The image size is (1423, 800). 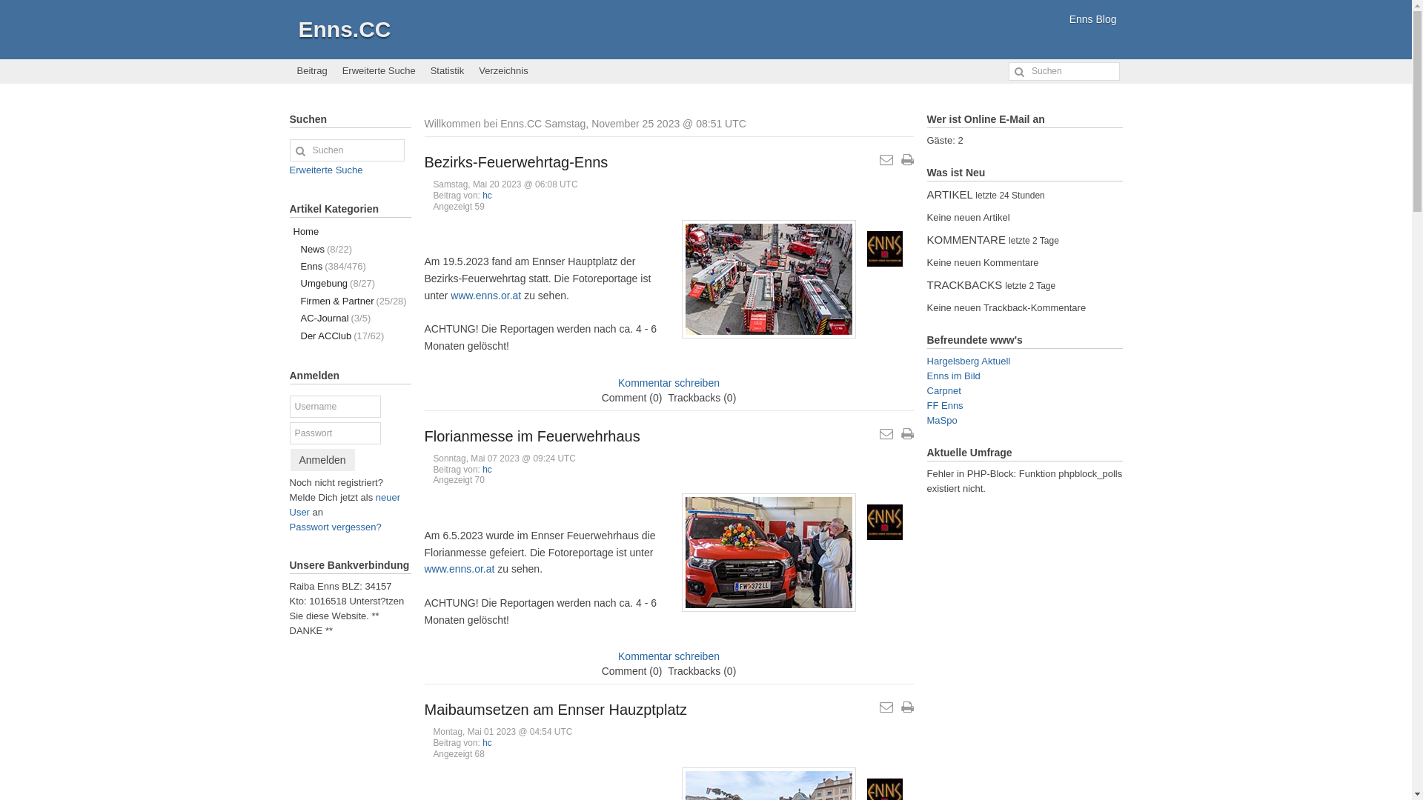 What do you see at coordinates (485, 295) in the screenshot?
I see `'www.enns.or.at'` at bounding box center [485, 295].